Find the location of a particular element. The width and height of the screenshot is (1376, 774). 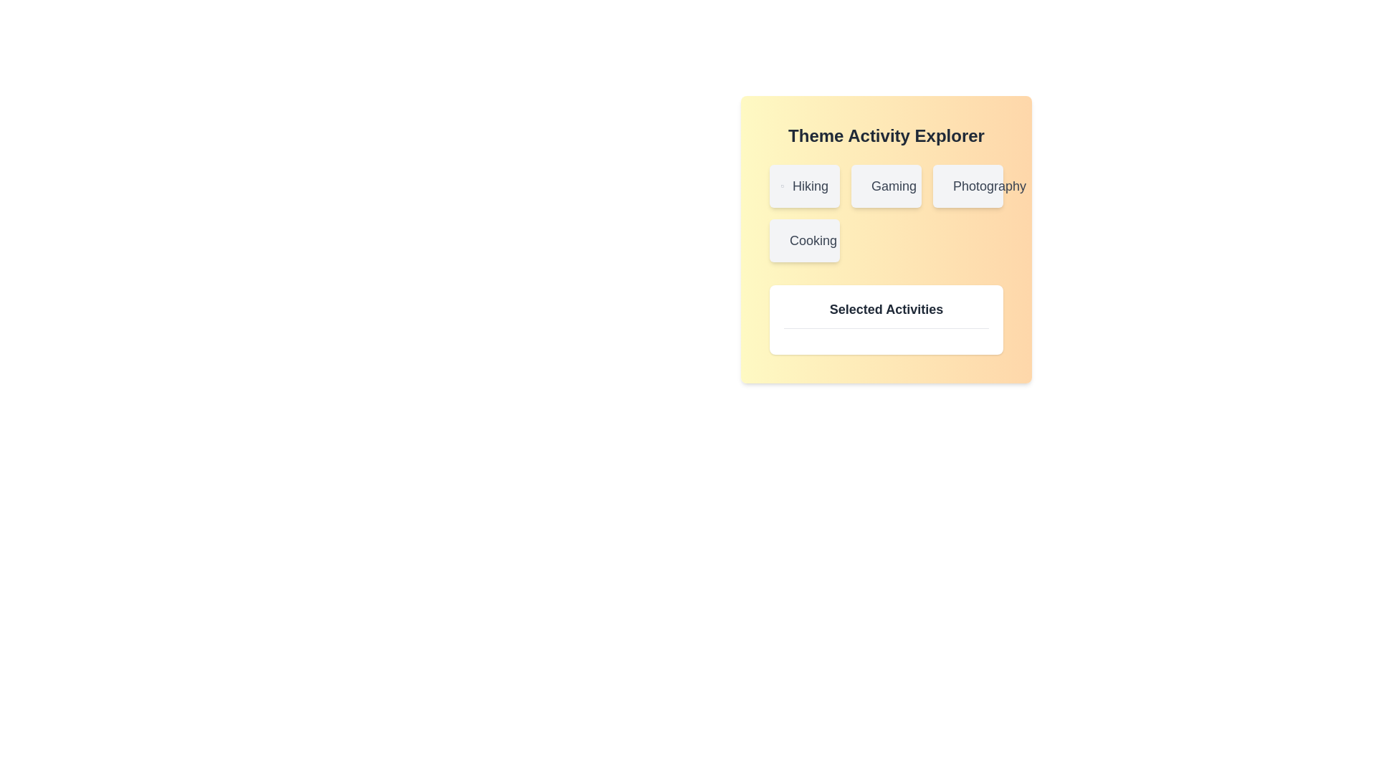

the small square-shaped icon within the 'Photography' button, which has rounded corners and a minimalistic appearance is located at coordinates (952, 185).